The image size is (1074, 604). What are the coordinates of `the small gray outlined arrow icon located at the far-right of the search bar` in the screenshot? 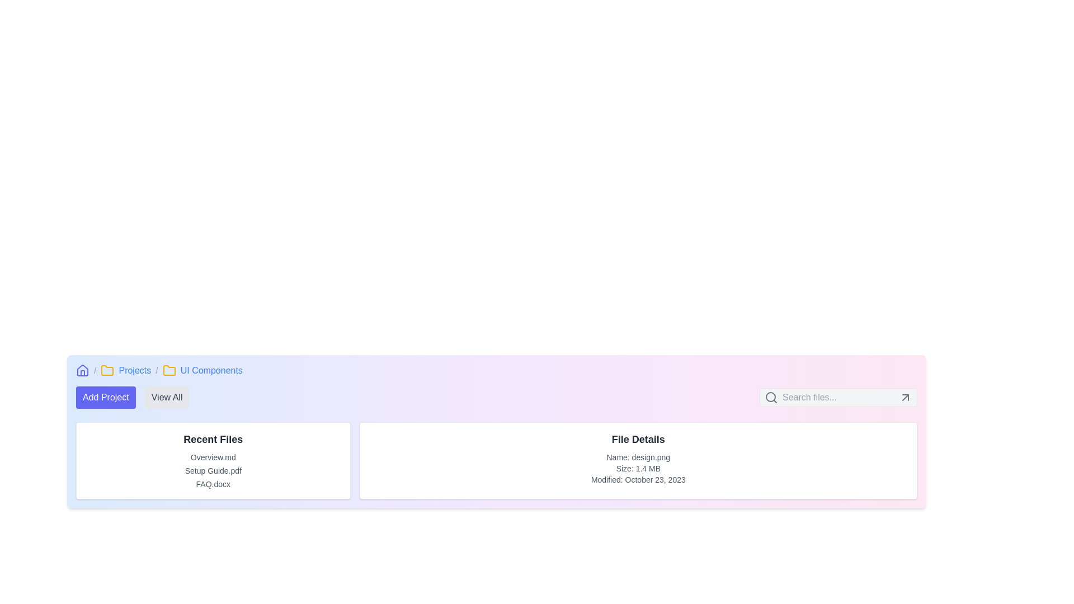 It's located at (905, 397).